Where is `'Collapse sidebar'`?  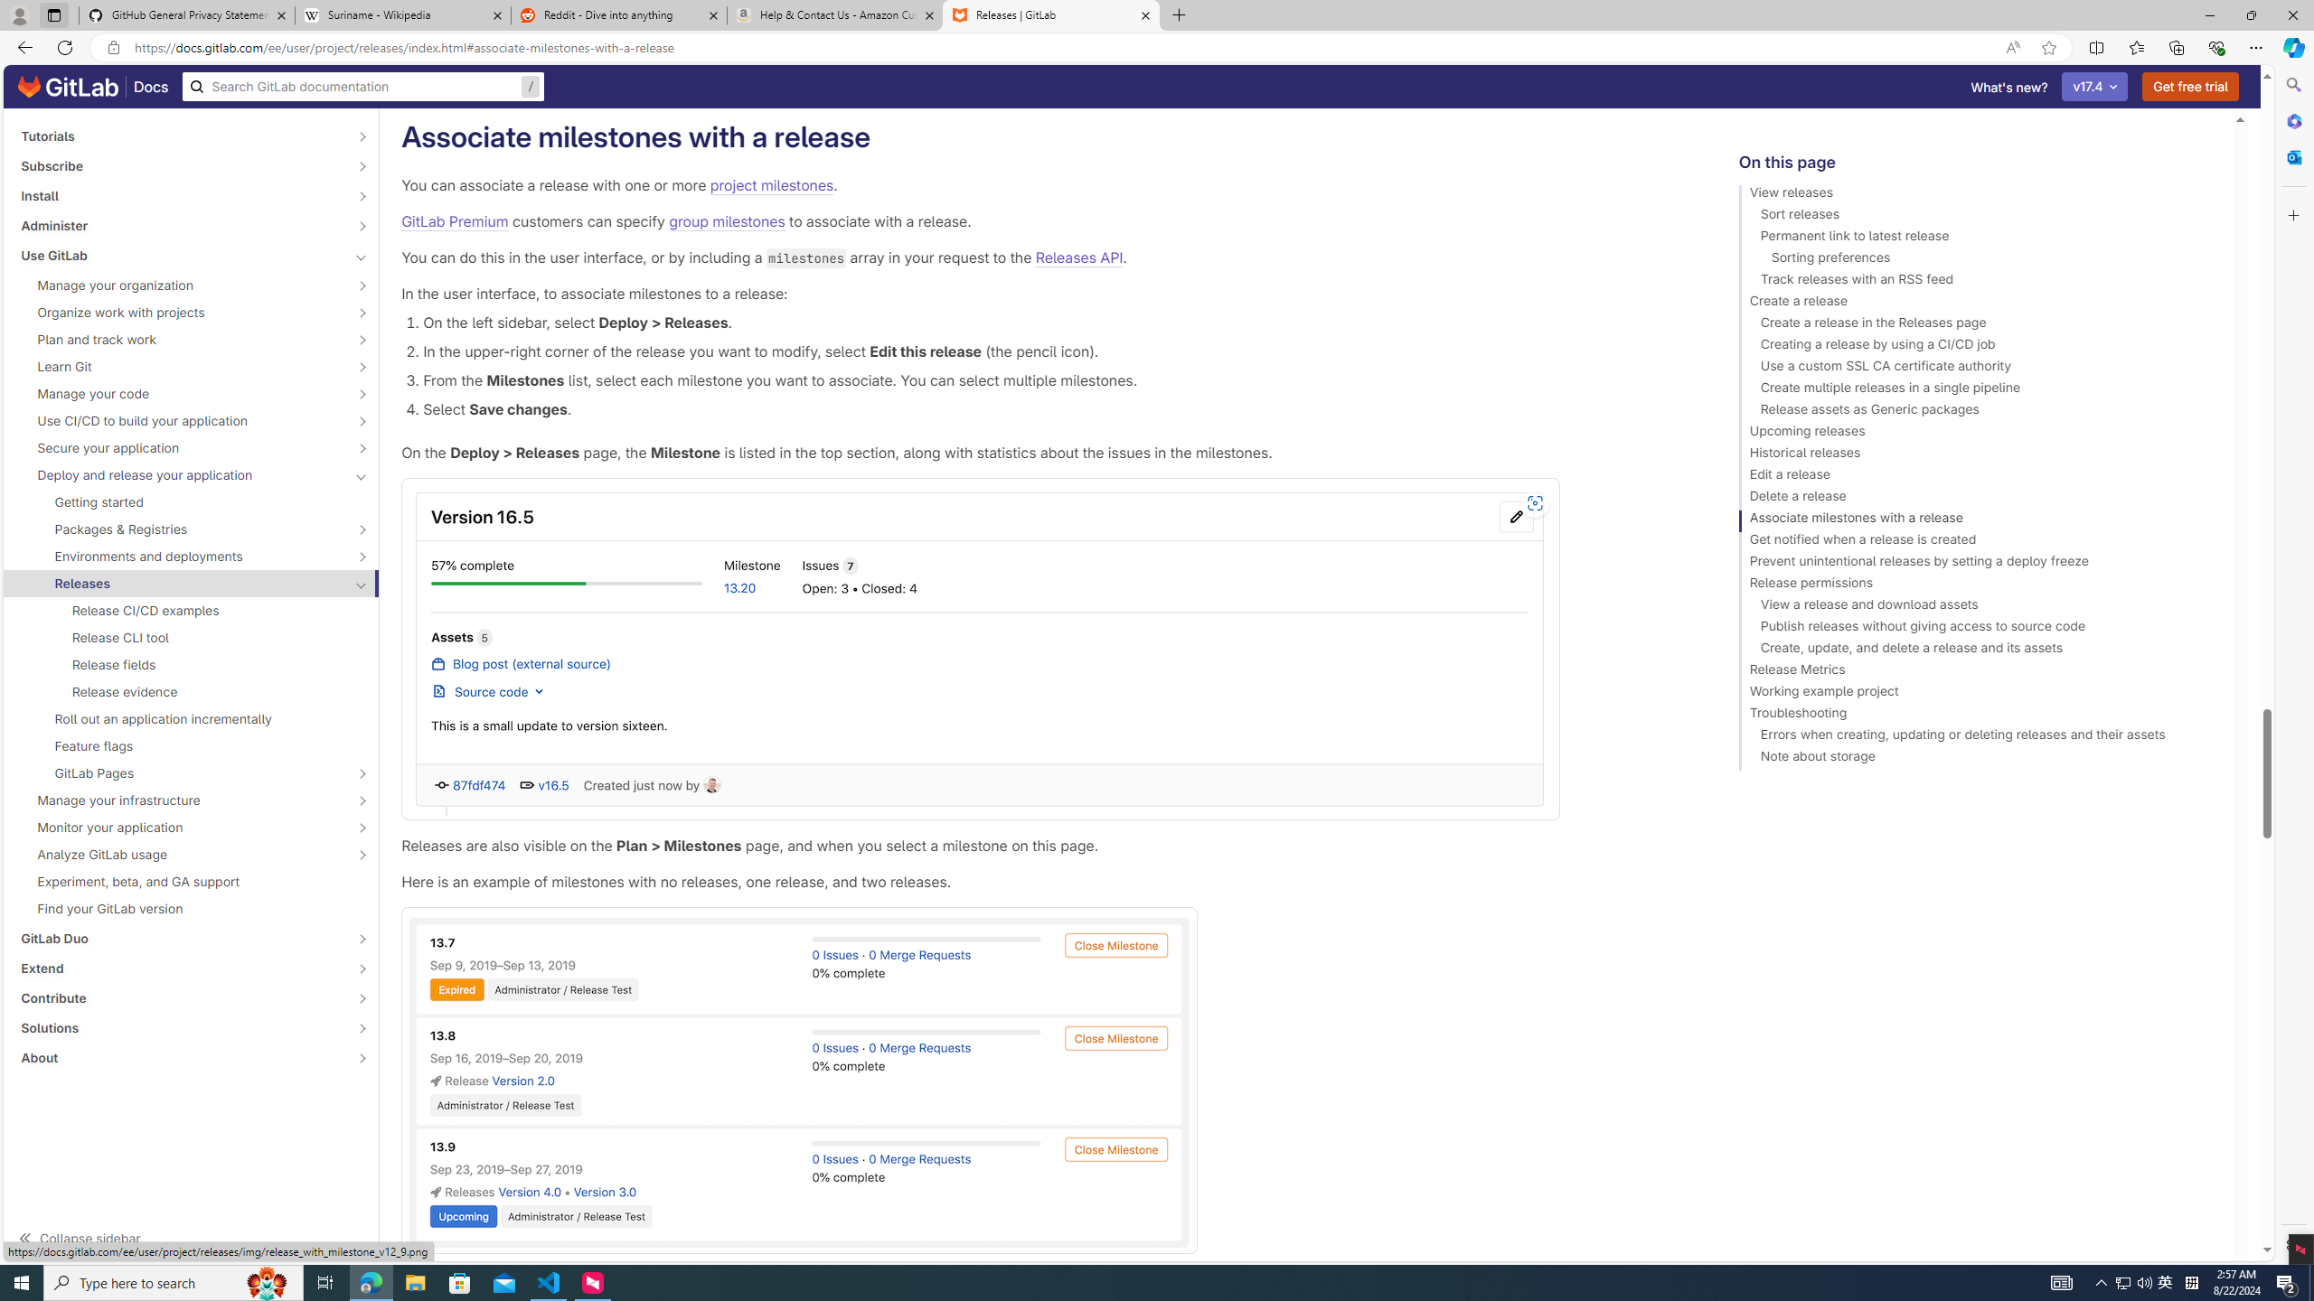
'Collapse sidebar' is located at coordinates (191, 1238).